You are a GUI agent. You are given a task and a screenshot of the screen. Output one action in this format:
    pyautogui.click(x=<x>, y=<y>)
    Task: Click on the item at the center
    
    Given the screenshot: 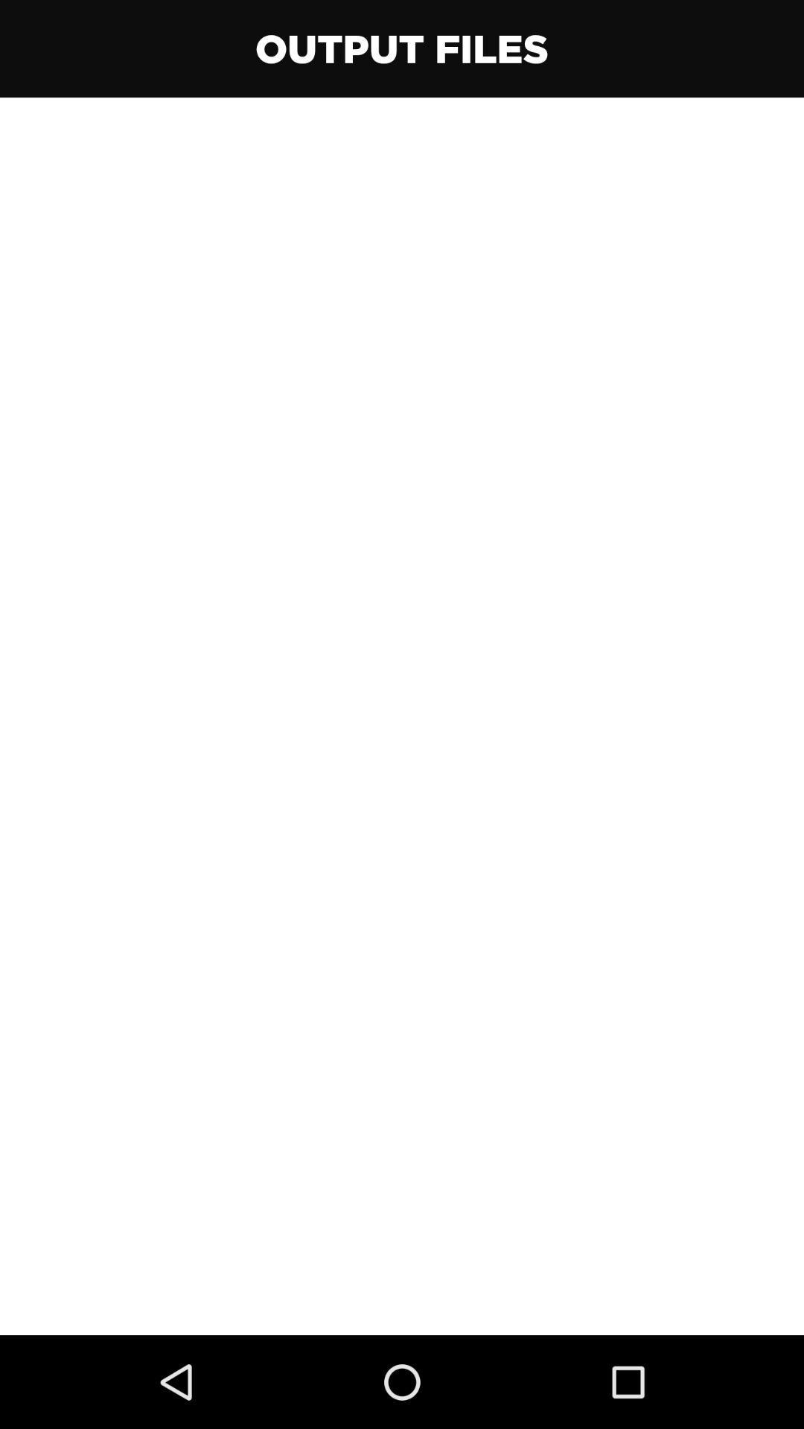 What is the action you would take?
    pyautogui.click(x=402, y=716)
    